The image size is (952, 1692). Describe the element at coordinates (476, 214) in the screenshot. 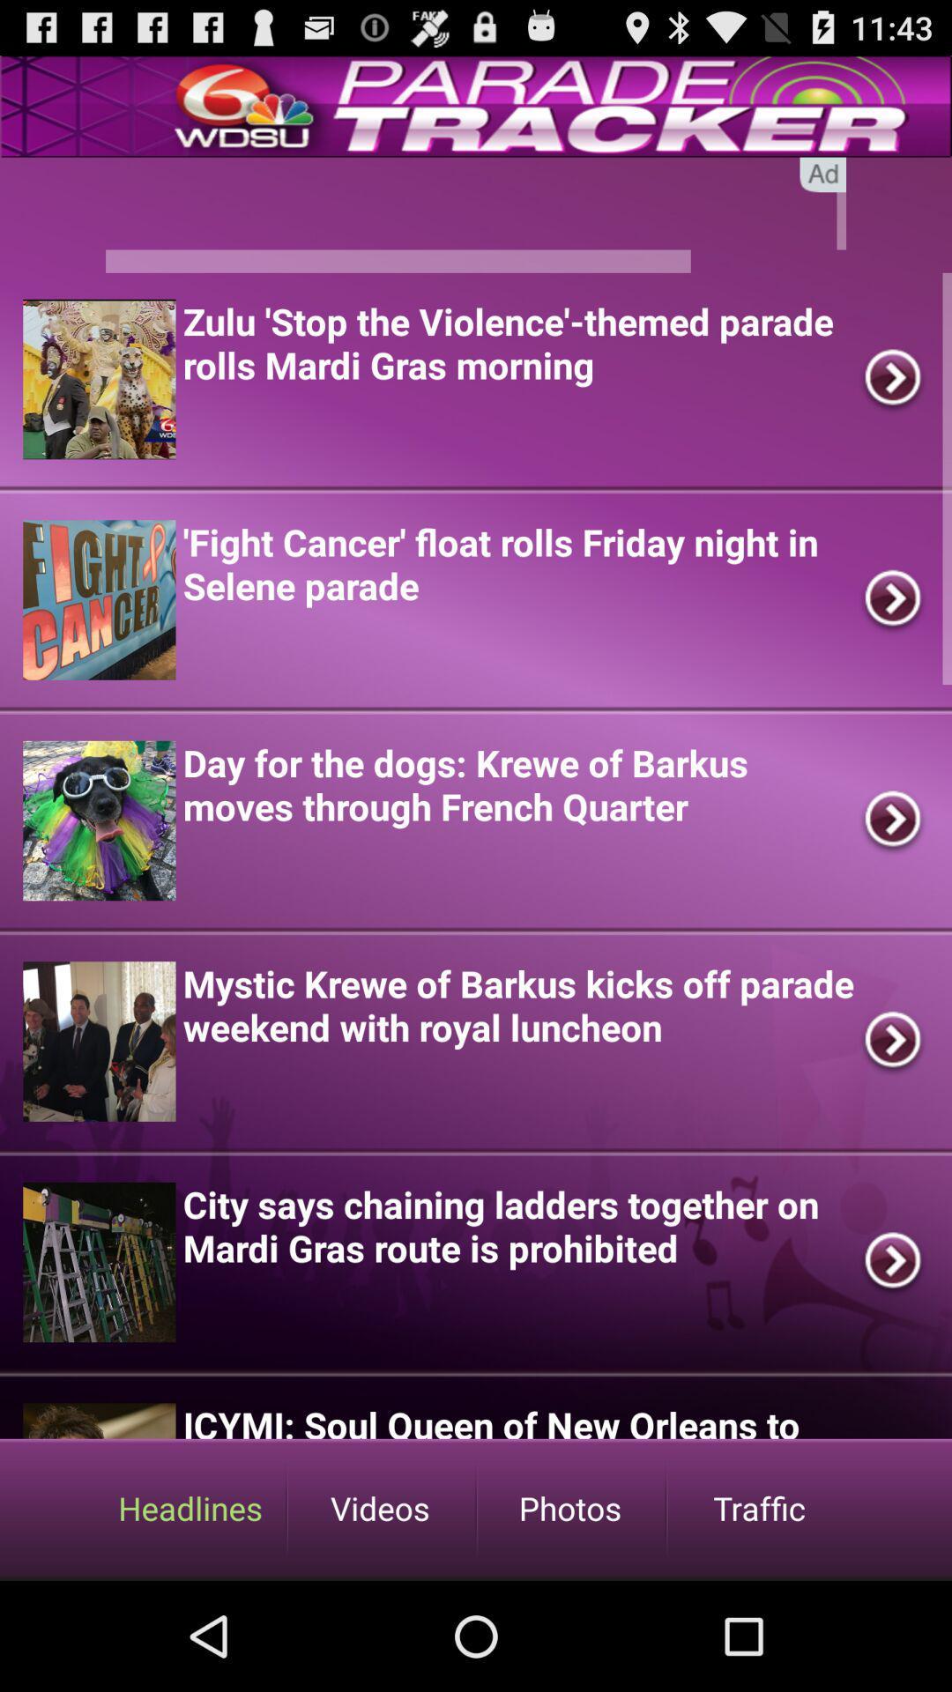

I see `advertisement link` at that location.